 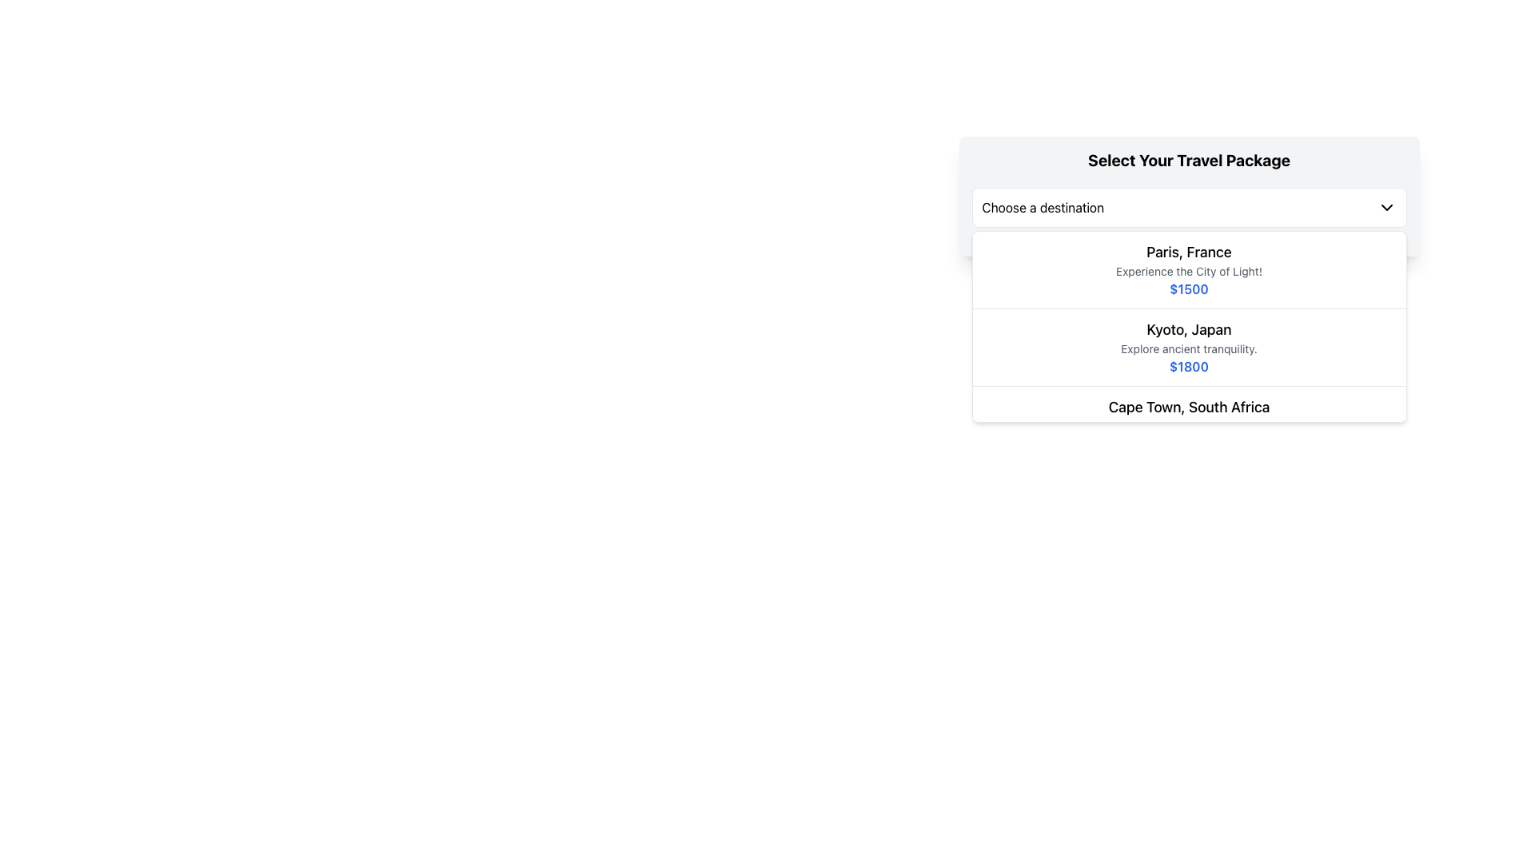 What do you see at coordinates (1189, 289) in the screenshot?
I see `the static text label displaying the price '$1500' for the travel package to 'Paris, France', which is styled in blue and bold font, positioned below the description 'Experience the City of Light!'` at bounding box center [1189, 289].